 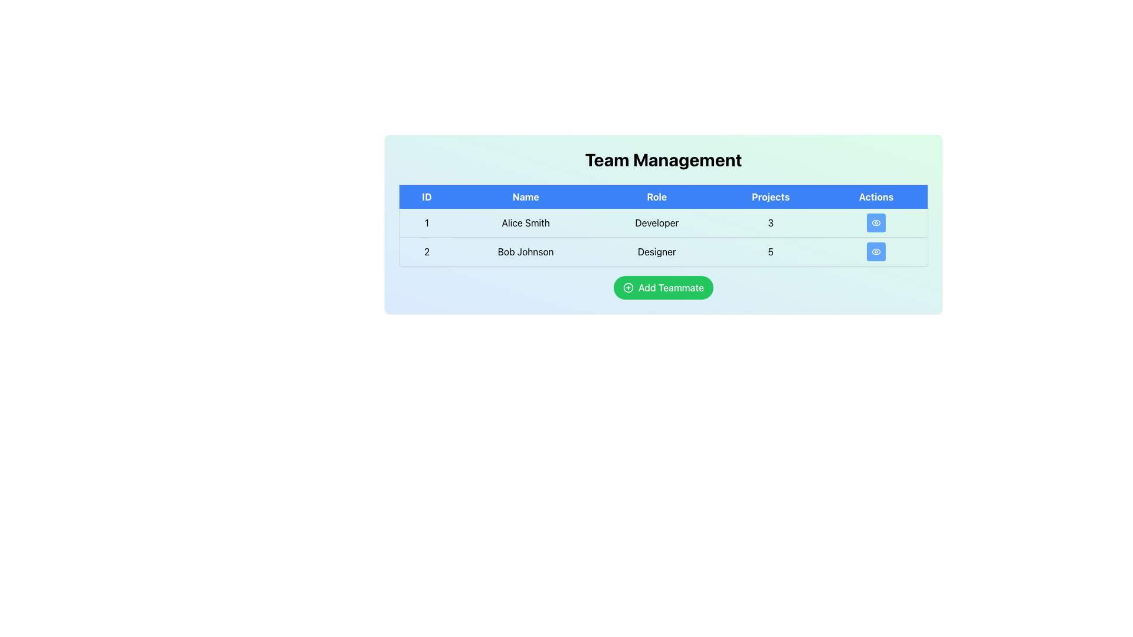 I want to click on the 'Team Management' text element which is bold and large, located at the top of the content area, preceding a table-like component, so click(x=663, y=159).